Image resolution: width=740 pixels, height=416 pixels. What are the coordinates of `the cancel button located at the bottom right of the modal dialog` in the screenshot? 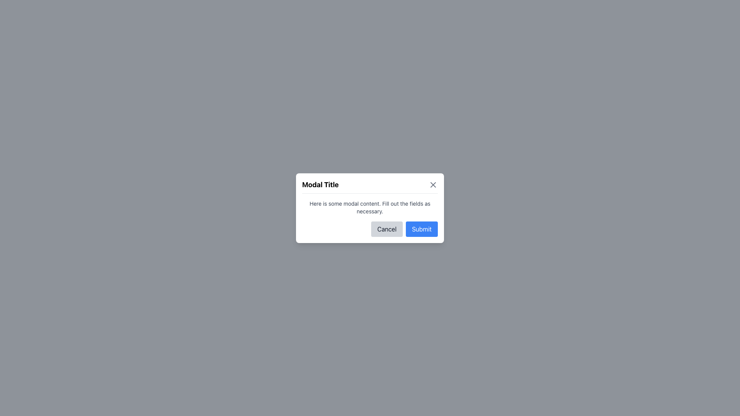 It's located at (387, 228).